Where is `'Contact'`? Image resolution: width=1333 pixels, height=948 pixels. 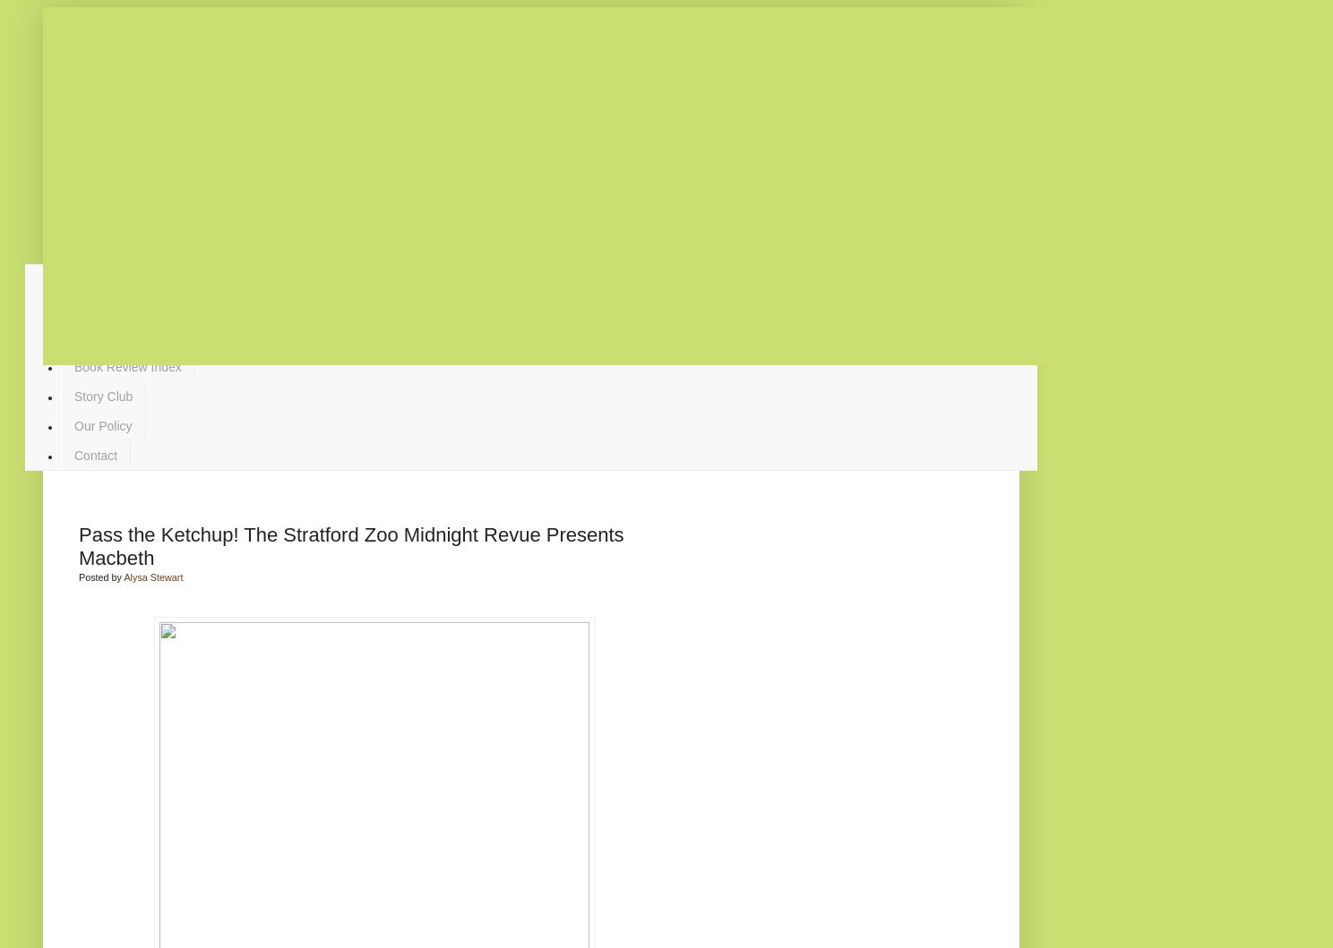
'Contact' is located at coordinates (94, 455).